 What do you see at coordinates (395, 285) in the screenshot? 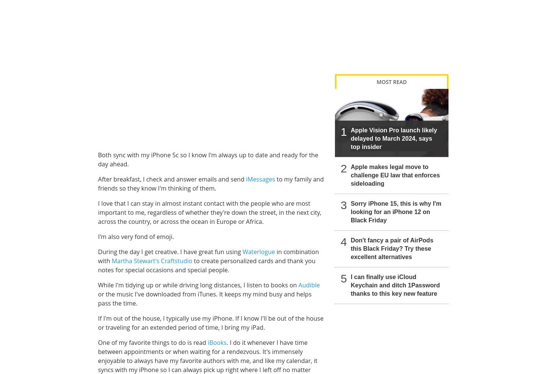
I see `'I can finally use iCloud Keychain and ditch 1Password thanks to this key new feature'` at bounding box center [395, 285].